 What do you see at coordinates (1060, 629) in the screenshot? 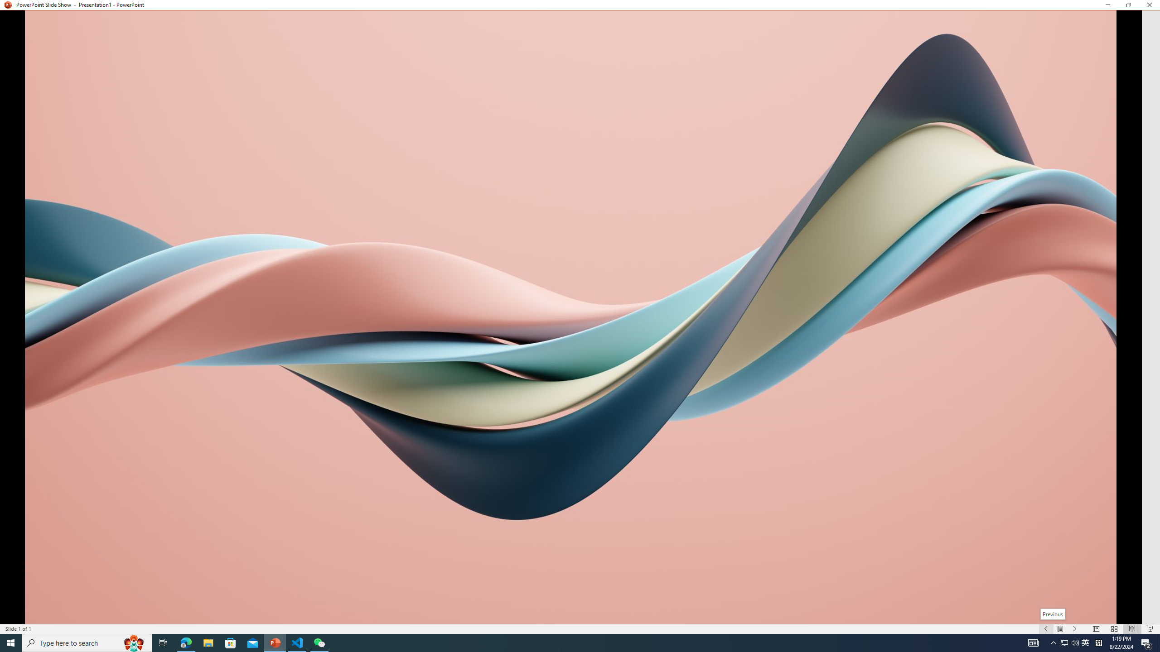
I see `'Menu On'` at bounding box center [1060, 629].